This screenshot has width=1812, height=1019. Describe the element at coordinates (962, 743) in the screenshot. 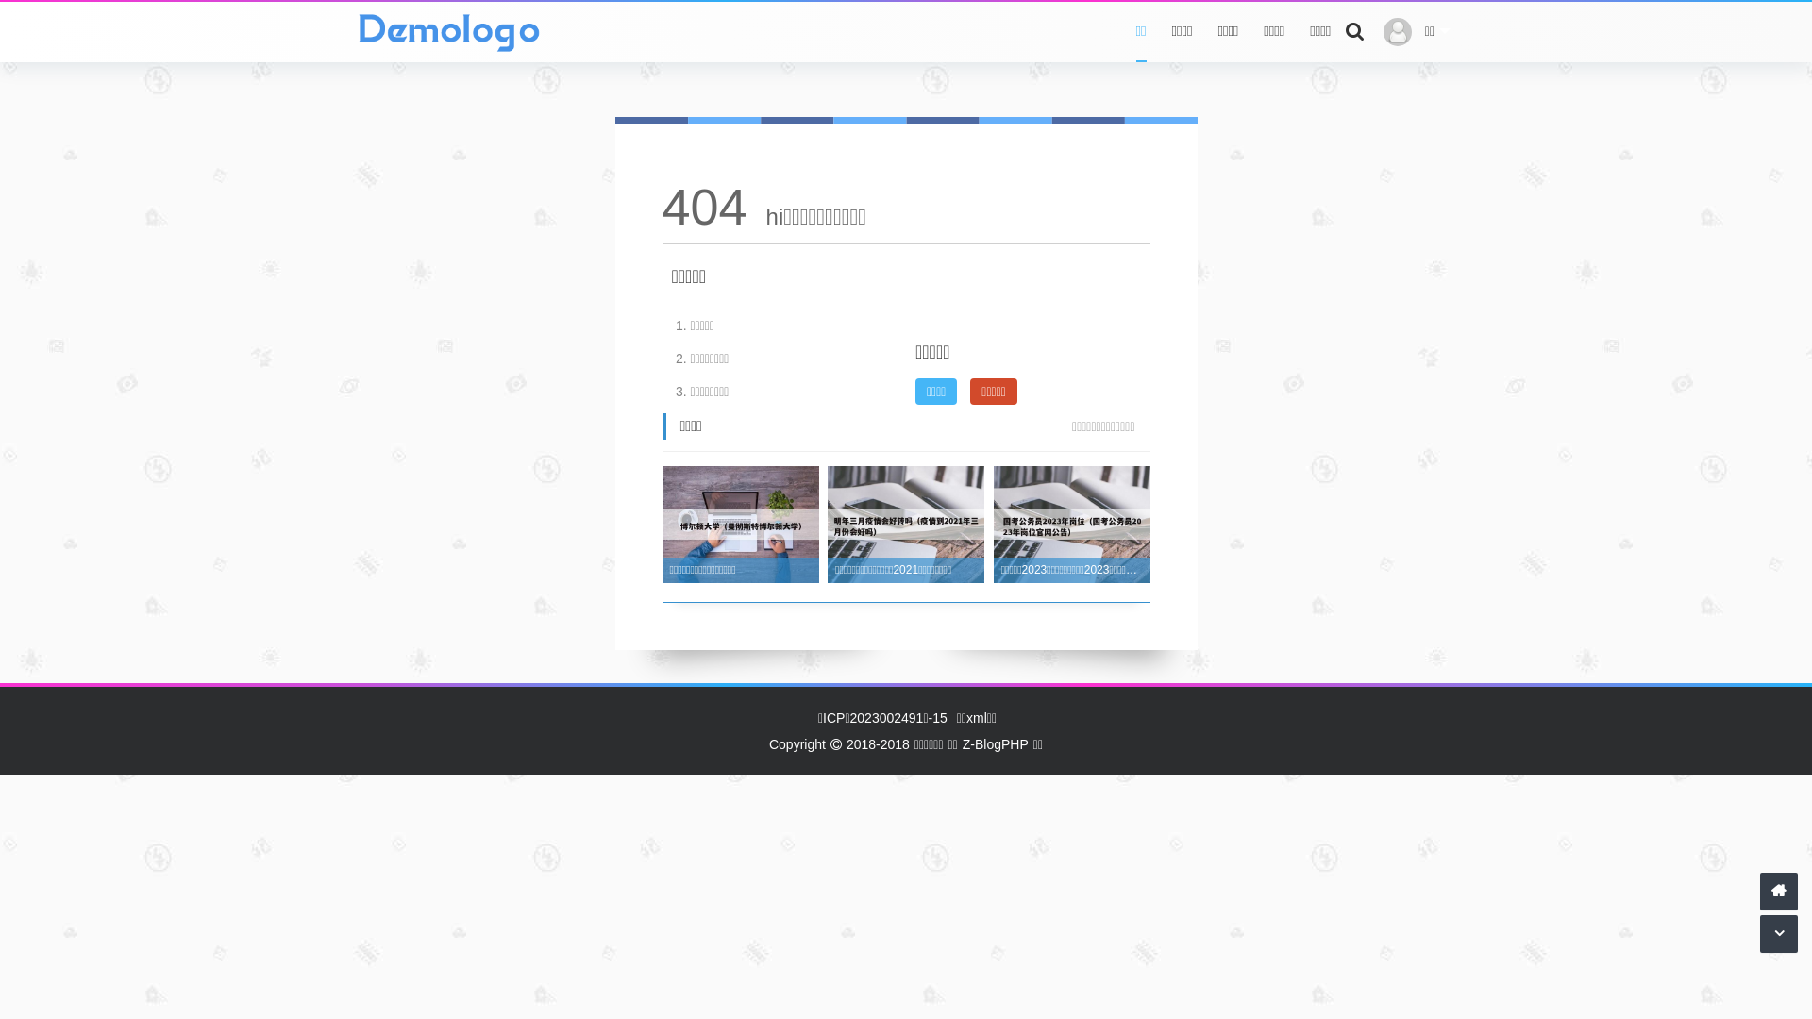

I see `'Z-BlogPHP'` at that location.